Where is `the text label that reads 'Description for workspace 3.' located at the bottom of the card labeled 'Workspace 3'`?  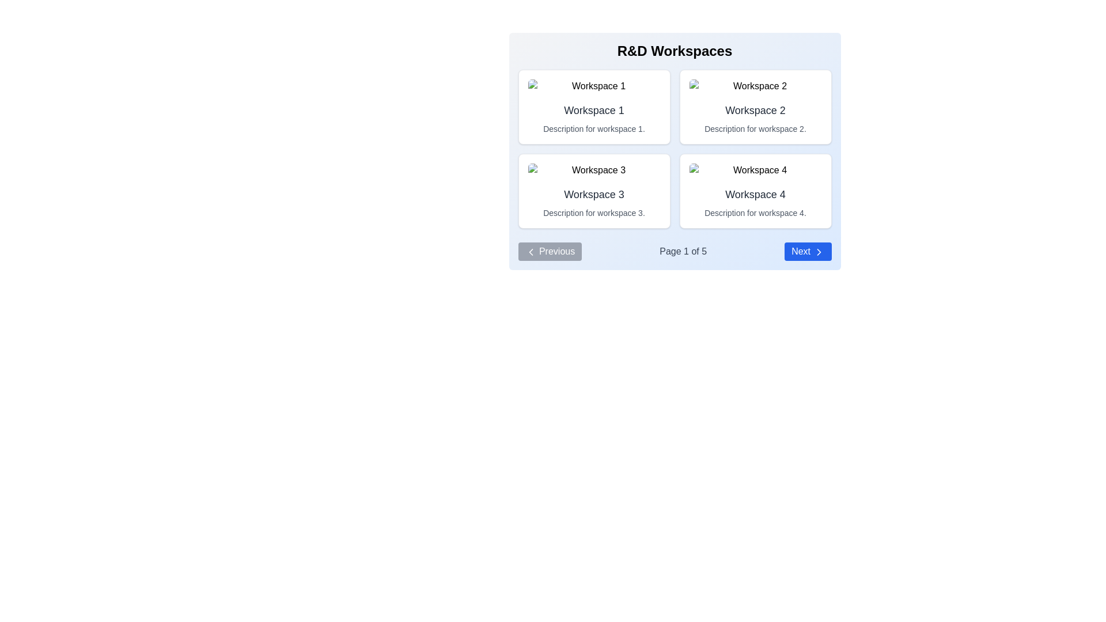
the text label that reads 'Description for workspace 3.' located at the bottom of the card labeled 'Workspace 3' is located at coordinates (594, 213).